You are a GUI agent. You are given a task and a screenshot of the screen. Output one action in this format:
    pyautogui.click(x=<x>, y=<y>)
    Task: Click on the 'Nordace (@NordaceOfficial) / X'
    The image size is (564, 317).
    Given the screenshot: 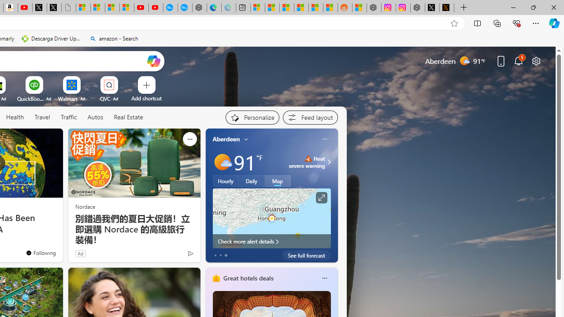 What is the action you would take?
    pyautogui.click(x=432, y=7)
    